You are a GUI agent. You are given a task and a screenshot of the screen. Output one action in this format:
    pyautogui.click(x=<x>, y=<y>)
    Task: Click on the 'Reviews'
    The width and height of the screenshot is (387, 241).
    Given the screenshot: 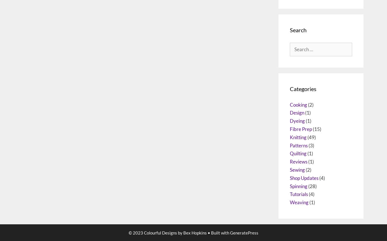 What is the action you would take?
    pyautogui.click(x=298, y=204)
    